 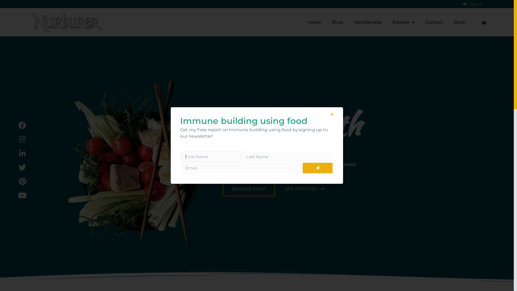 What do you see at coordinates (326, 22) in the screenshot?
I see `'Shop'` at bounding box center [326, 22].